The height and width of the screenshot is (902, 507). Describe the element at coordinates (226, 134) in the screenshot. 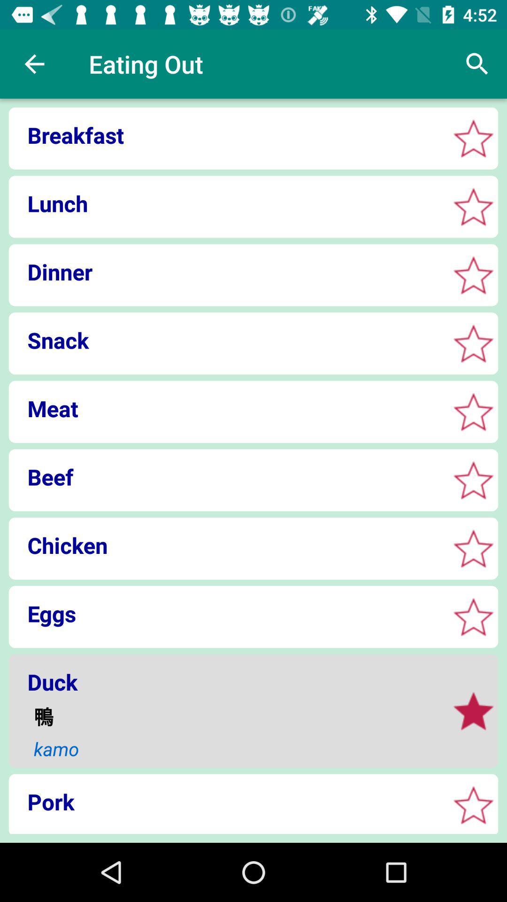

I see `breakfast icon` at that location.